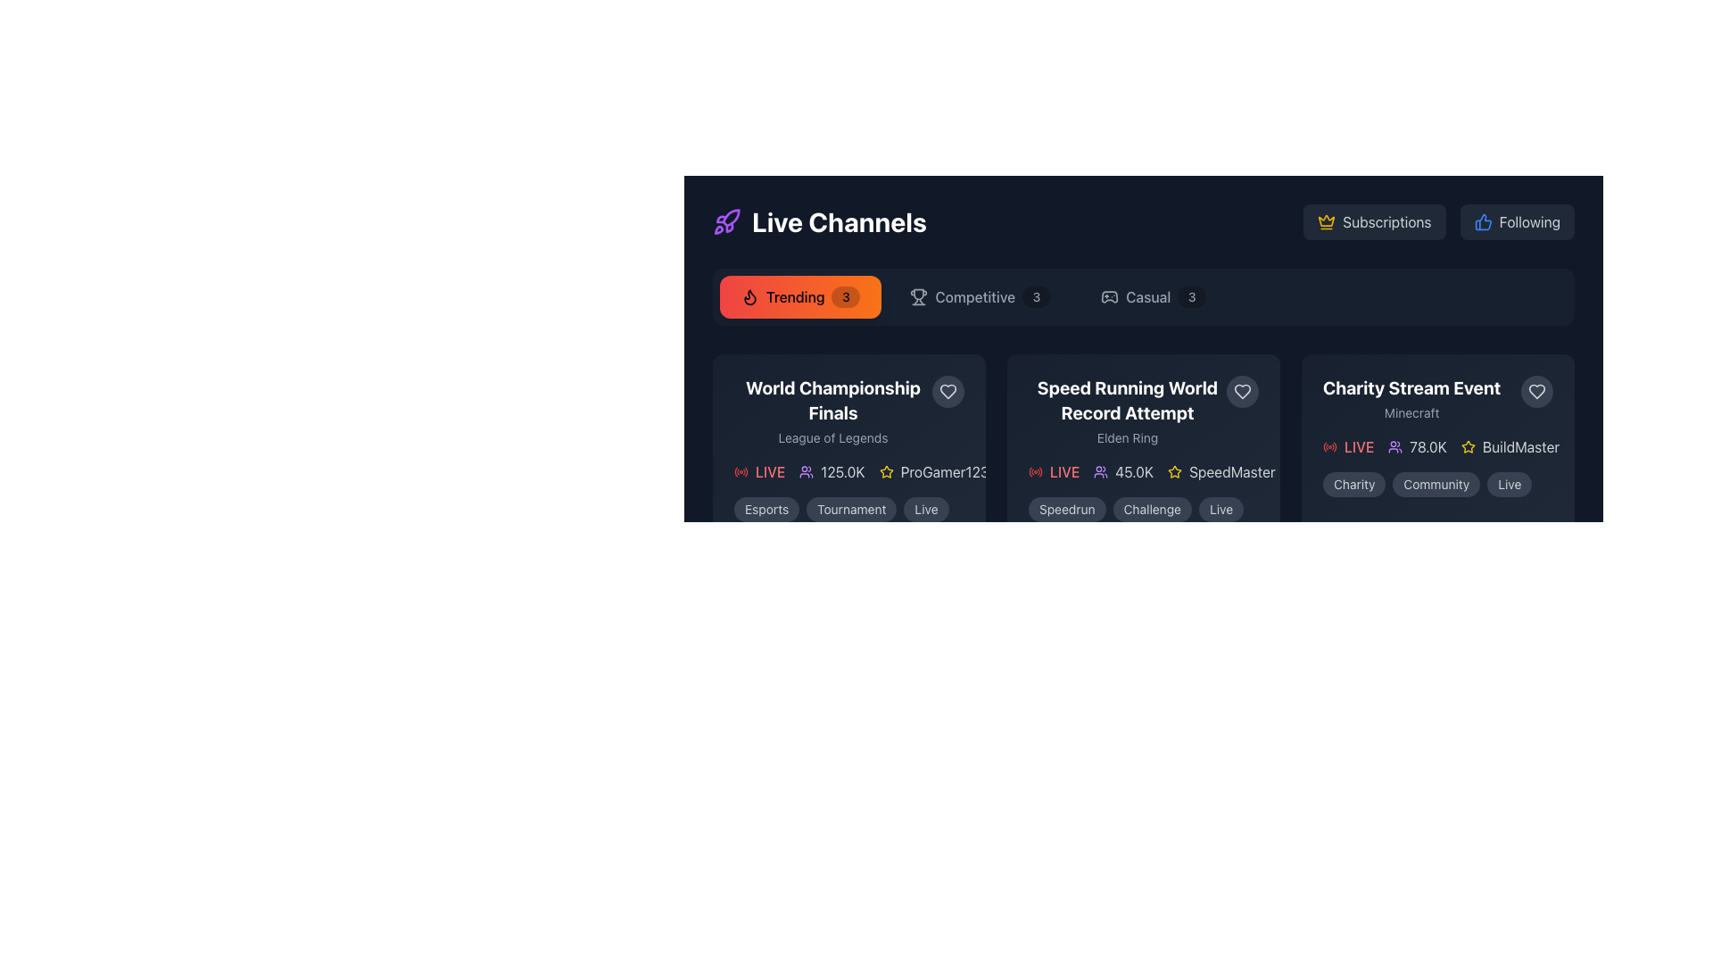 The image size is (1713, 964). What do you see at coordinates (1327, 220) in the screenshot?
I see `the details of the decorative crown icon located in the top-right section of the interface, inside the 'Subscriptions' button` at bounding box center [1327, 220].